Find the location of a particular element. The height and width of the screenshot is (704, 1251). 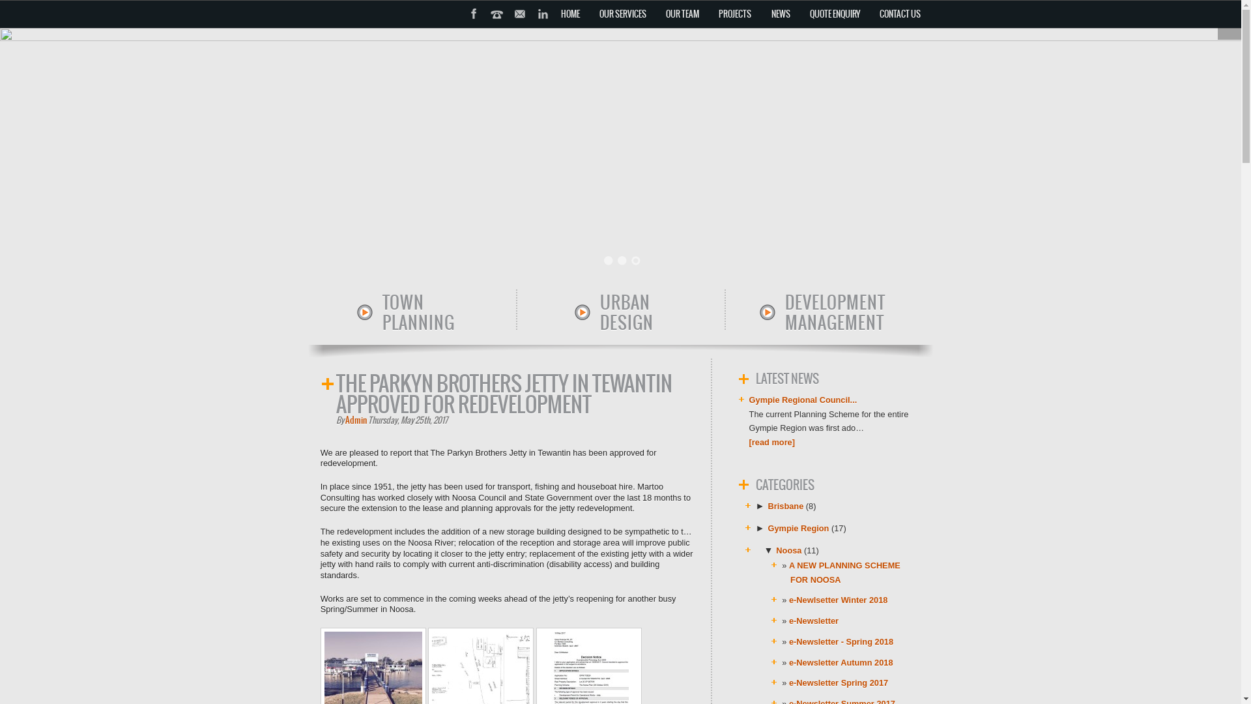

'[read more]' is located at coordinates (749, 441).